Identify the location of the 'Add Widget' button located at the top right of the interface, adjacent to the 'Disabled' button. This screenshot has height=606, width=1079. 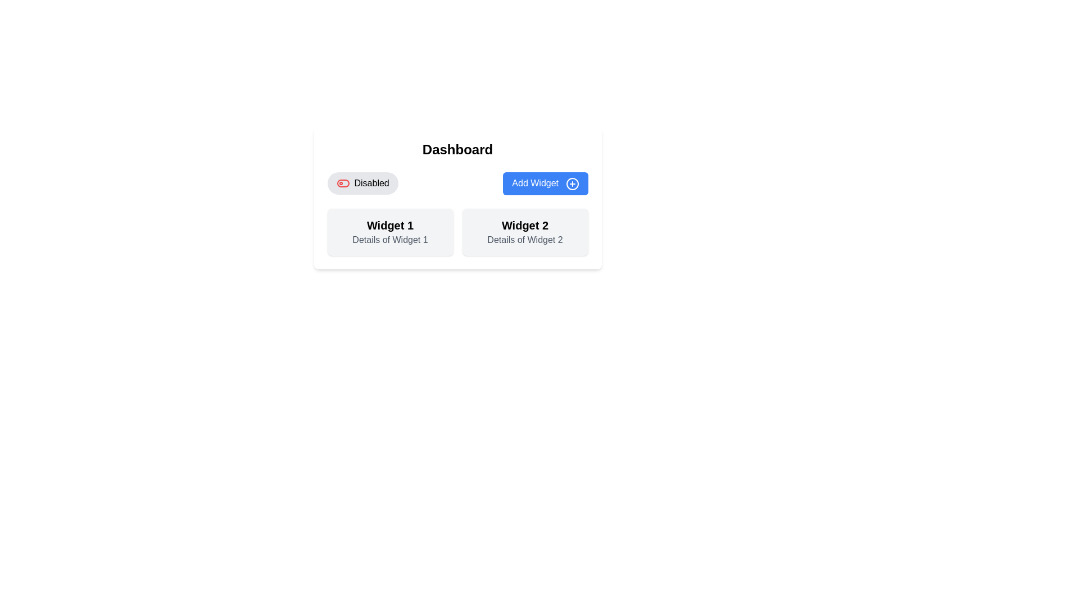
(545, 183).